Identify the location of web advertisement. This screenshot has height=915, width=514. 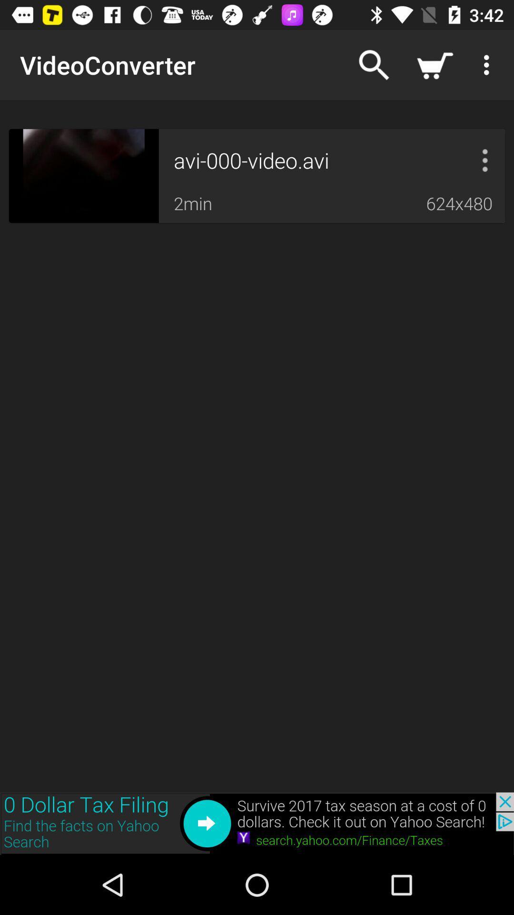
(257, 823).